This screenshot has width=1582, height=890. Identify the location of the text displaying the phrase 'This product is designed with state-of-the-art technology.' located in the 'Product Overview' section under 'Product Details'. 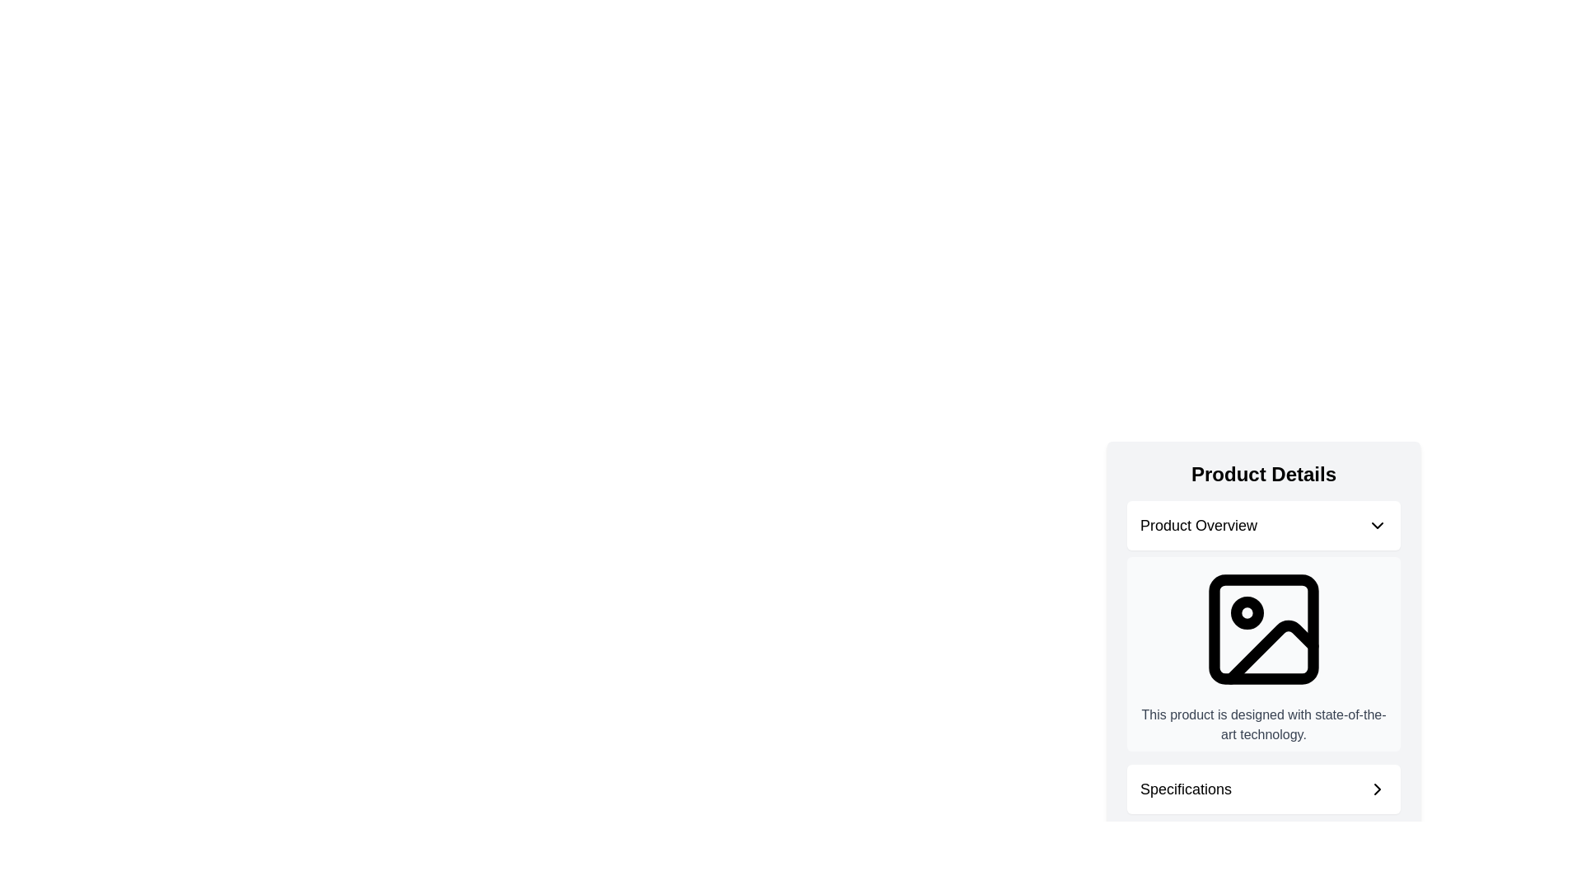
(1263, 724).